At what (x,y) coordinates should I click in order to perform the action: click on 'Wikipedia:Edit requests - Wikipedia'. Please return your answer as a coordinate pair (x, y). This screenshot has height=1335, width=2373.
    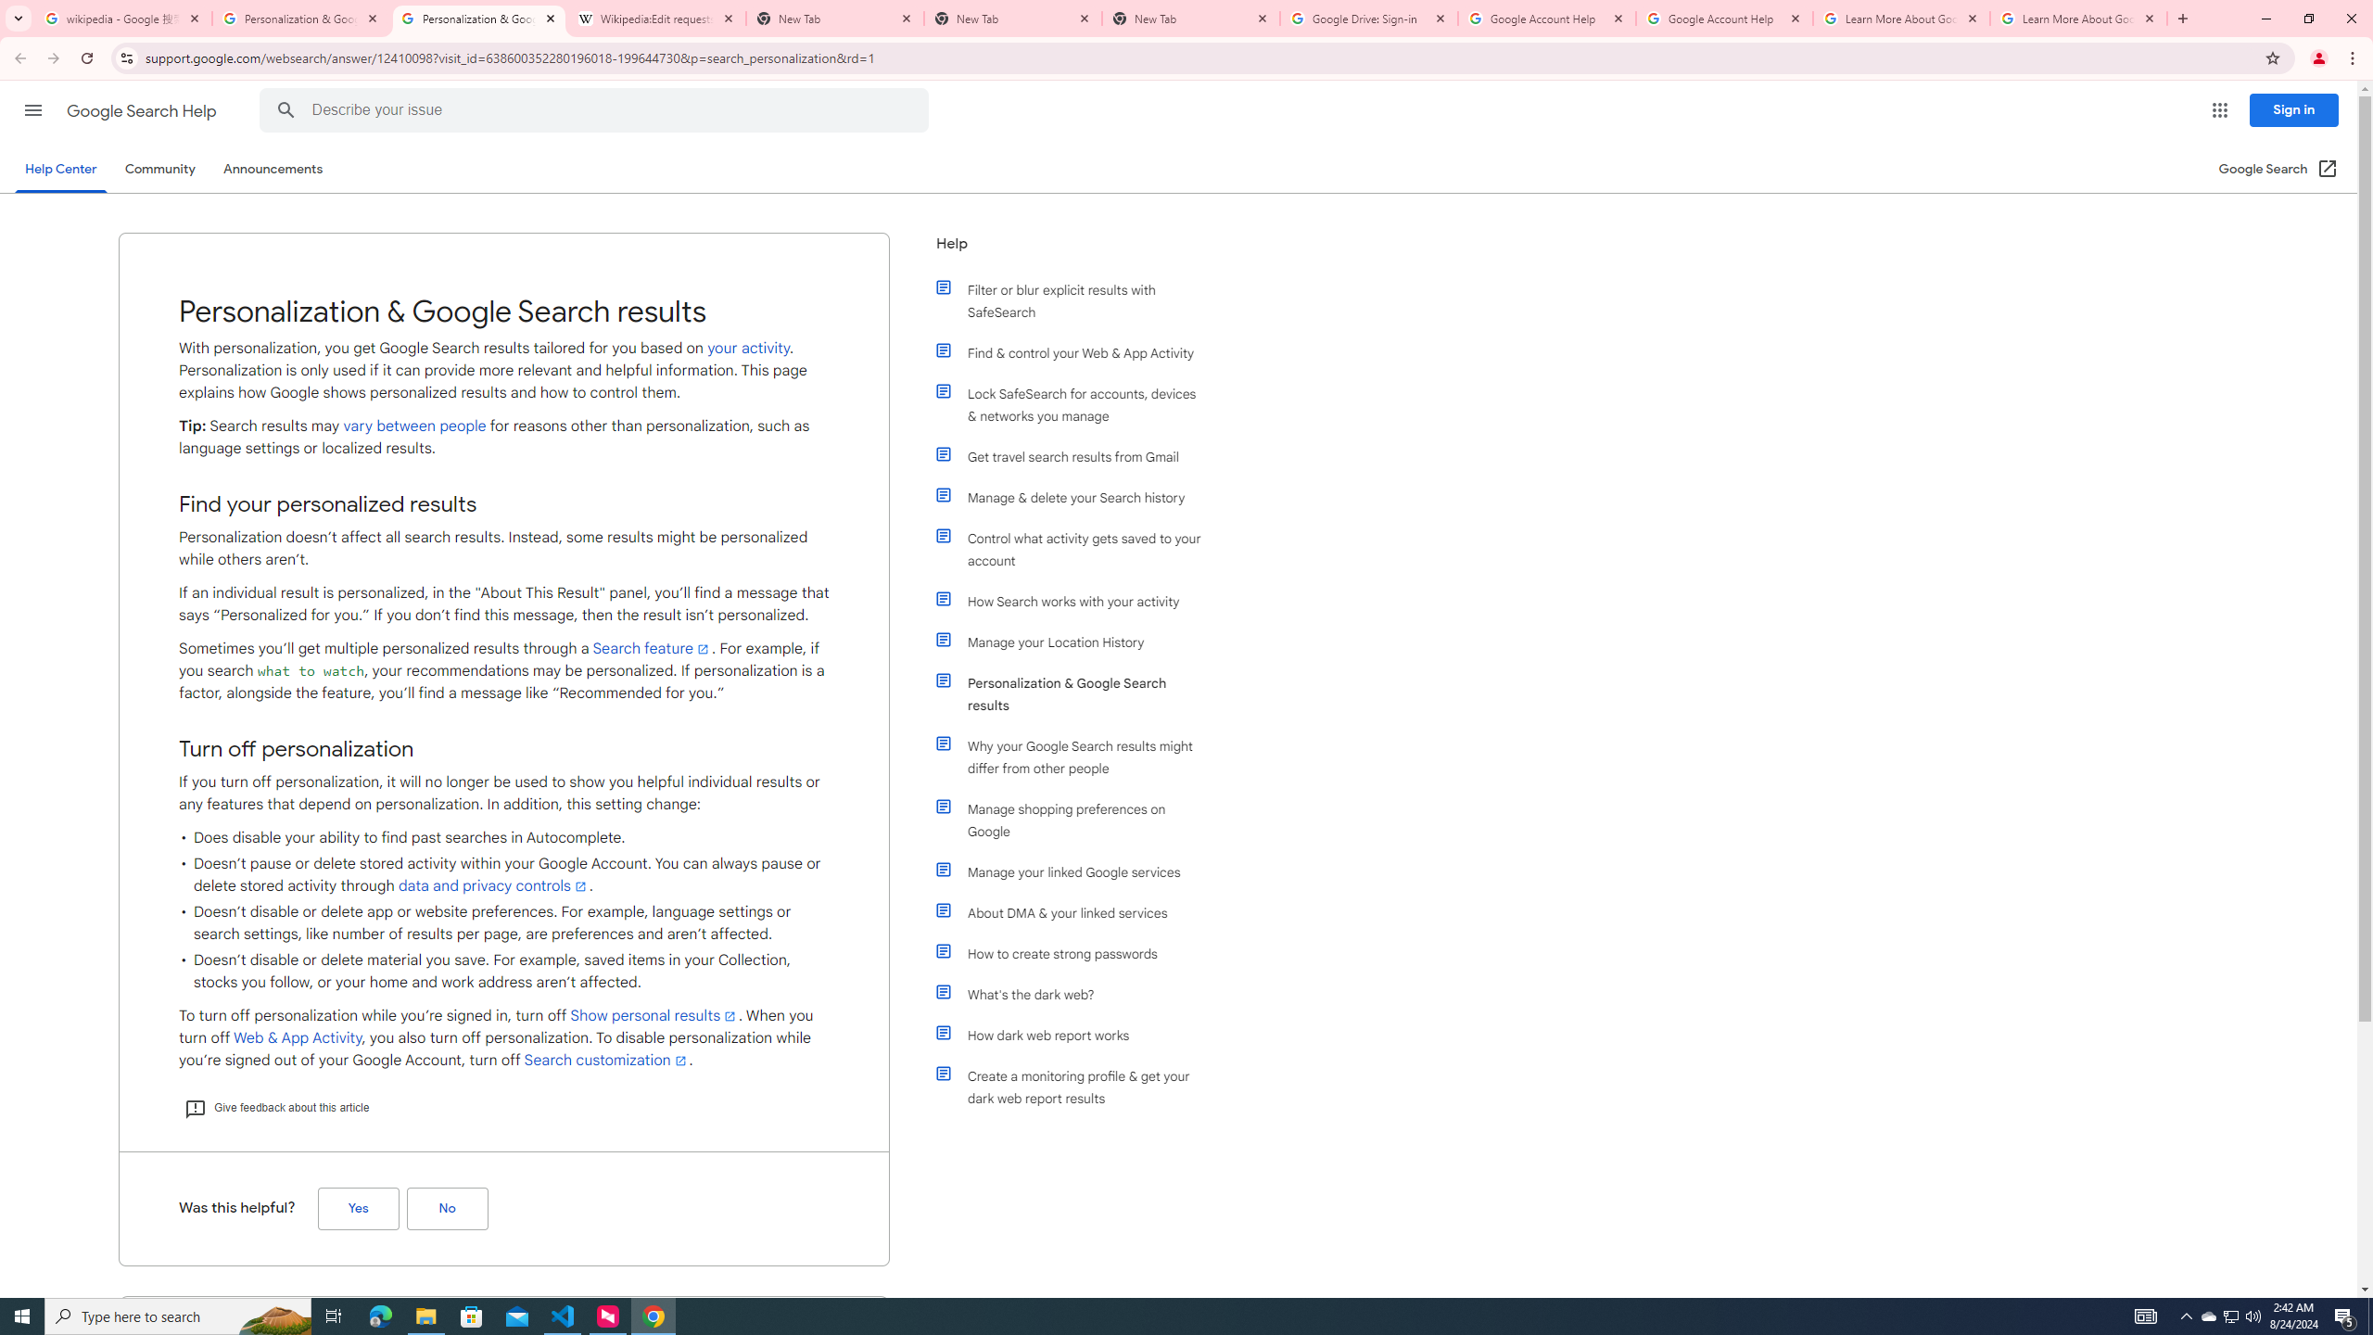
    Looking at the image, I should click on (657, 18).